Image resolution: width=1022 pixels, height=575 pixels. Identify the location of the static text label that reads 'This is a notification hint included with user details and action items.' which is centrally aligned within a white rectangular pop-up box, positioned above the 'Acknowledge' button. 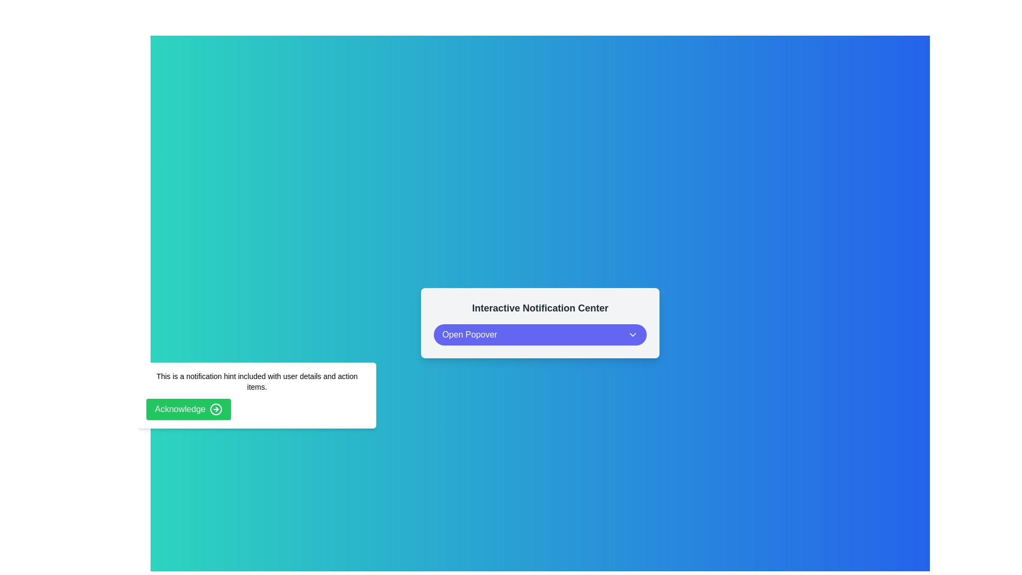
(257, 381).